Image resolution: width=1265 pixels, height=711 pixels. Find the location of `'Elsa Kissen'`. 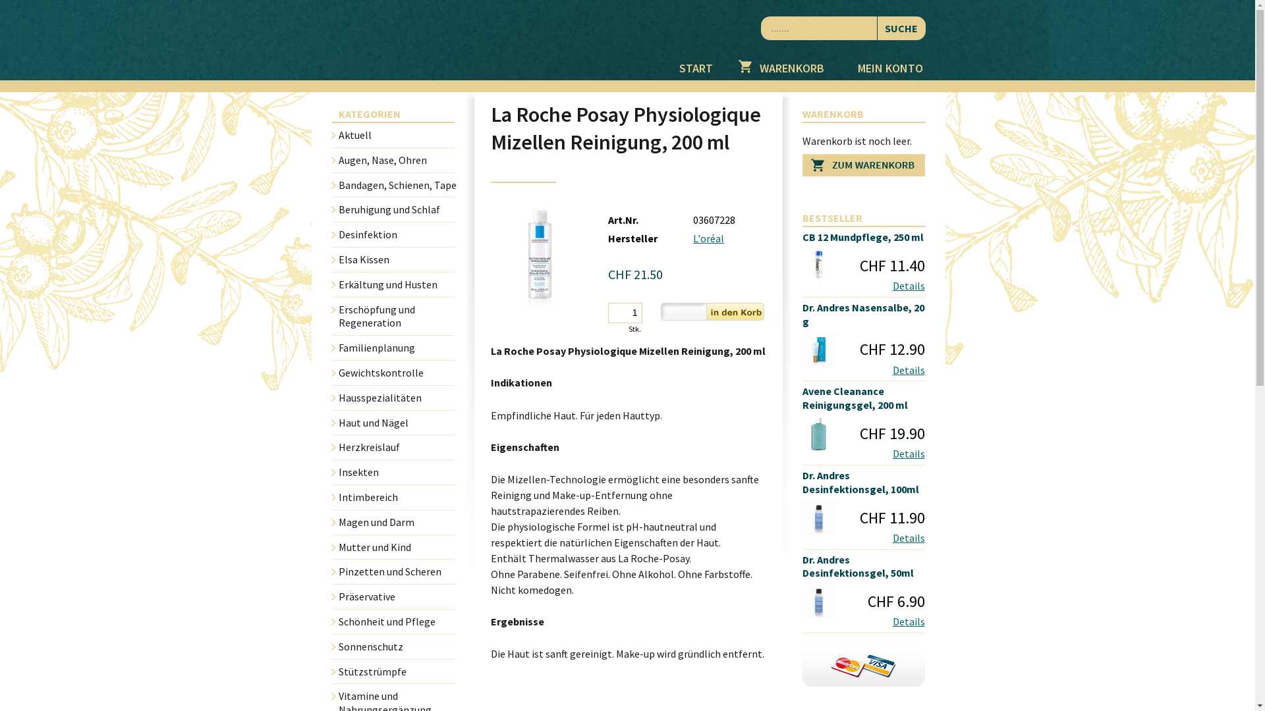

'Elsa Kissen' is located at coordinates (395, 259).